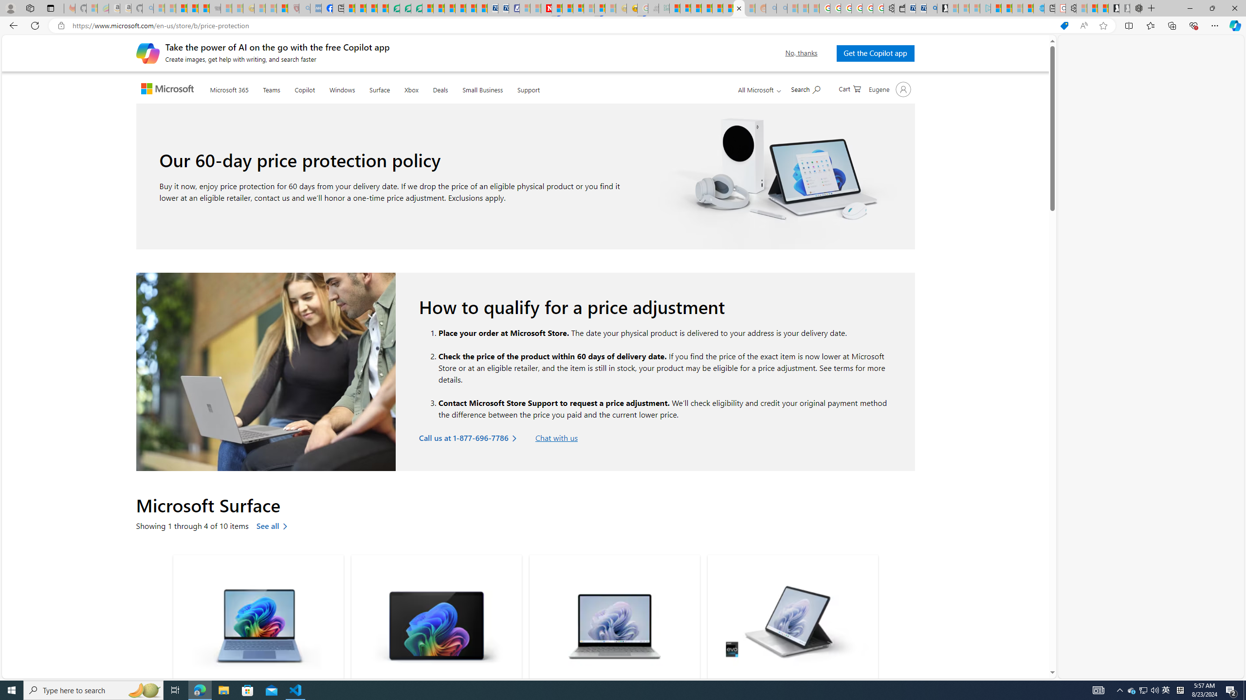 The width and height of the screenshot is (1246, 700). Describe the element at coordinates (417, 8) in the screenshot. I see `'Microsoft Word - consumer-privacy address update 2.2021'` at that location.